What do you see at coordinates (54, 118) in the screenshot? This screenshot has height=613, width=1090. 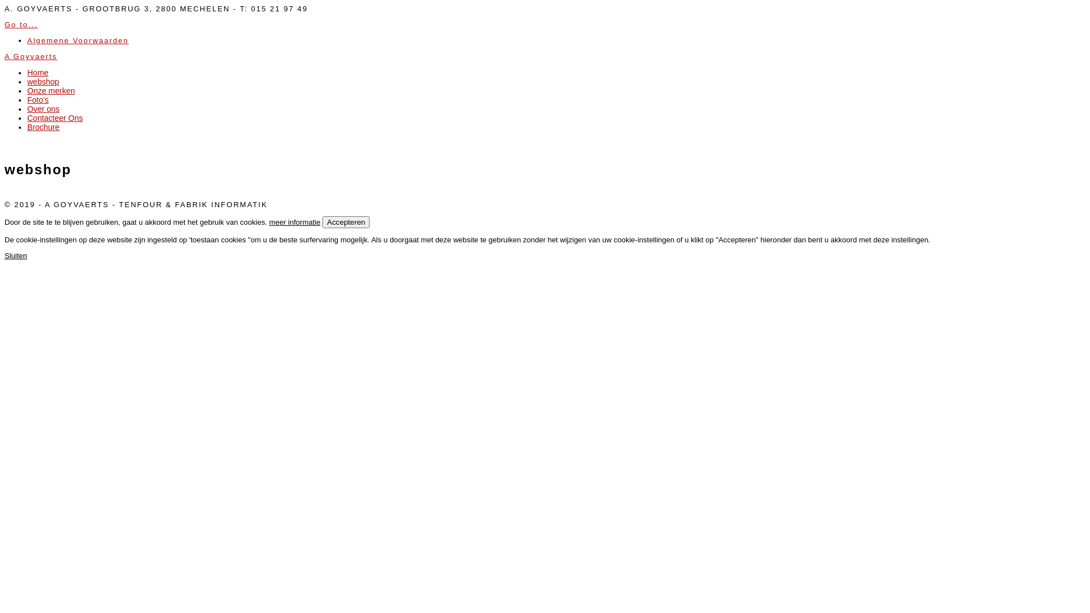 I see `'Contacteer Ons'` at bounding box center [54, 118].